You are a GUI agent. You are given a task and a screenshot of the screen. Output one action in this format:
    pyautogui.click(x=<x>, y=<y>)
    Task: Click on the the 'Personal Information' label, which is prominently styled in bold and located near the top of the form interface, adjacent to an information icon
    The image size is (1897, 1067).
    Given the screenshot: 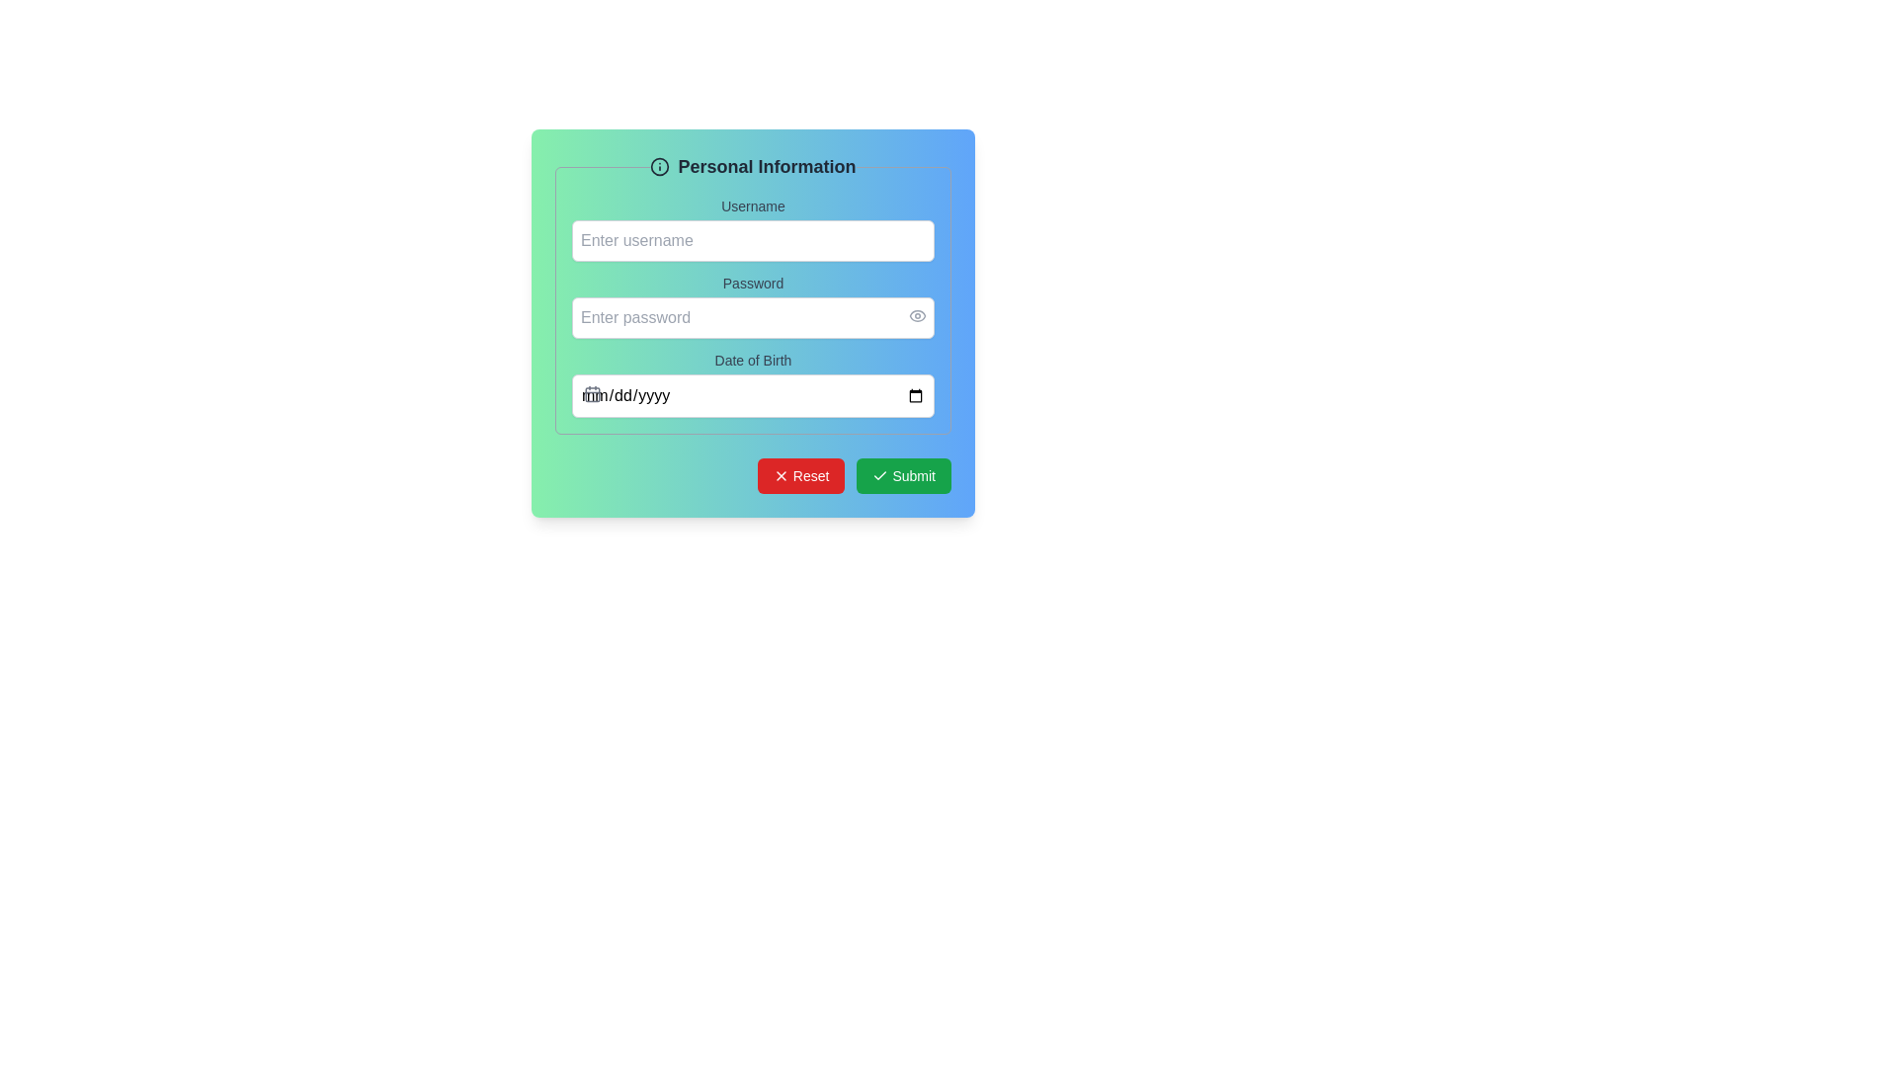 What is the action you would take?
    pyautogui.click(x=766, y=166)
    